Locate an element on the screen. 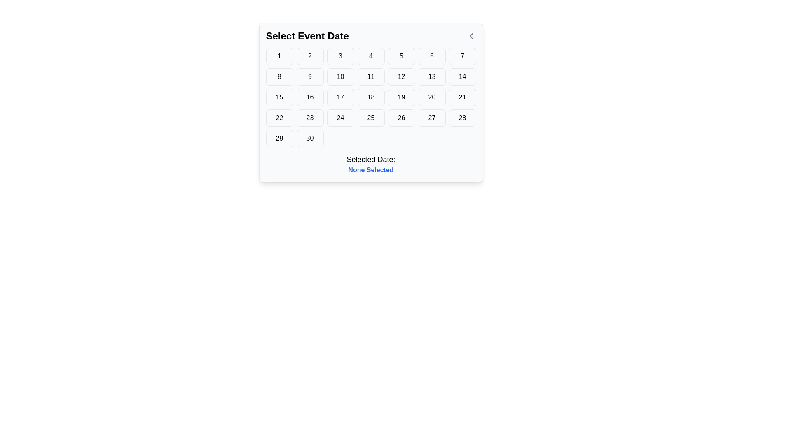  the button located in the fifth column of the top row in the calendar grid is located at coordinates (401, 56).